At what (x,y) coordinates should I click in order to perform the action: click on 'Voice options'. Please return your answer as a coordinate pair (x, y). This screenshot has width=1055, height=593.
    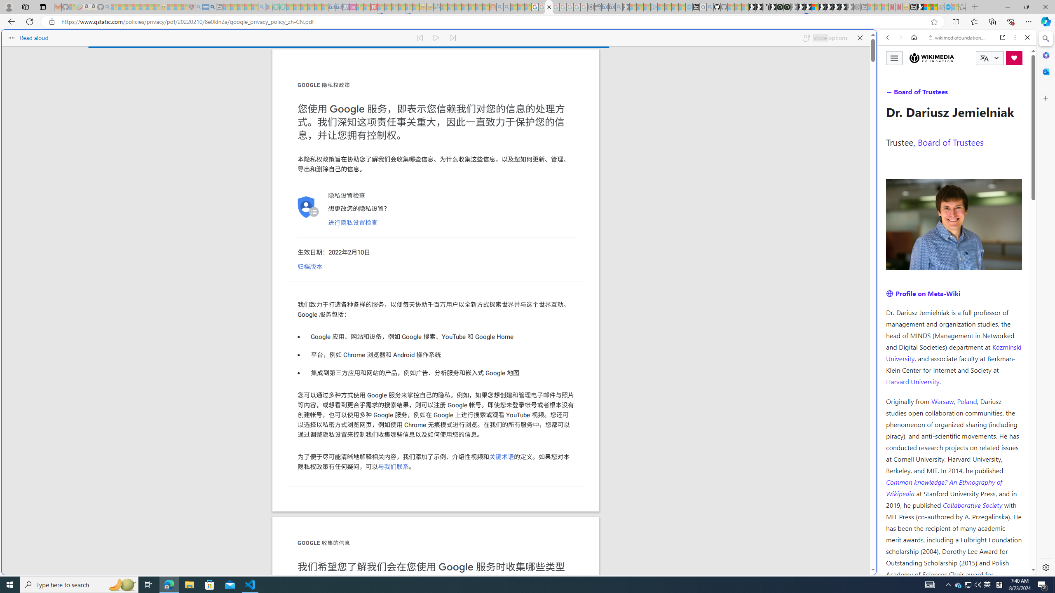
    Looking at the image, I should click on (825, 37).